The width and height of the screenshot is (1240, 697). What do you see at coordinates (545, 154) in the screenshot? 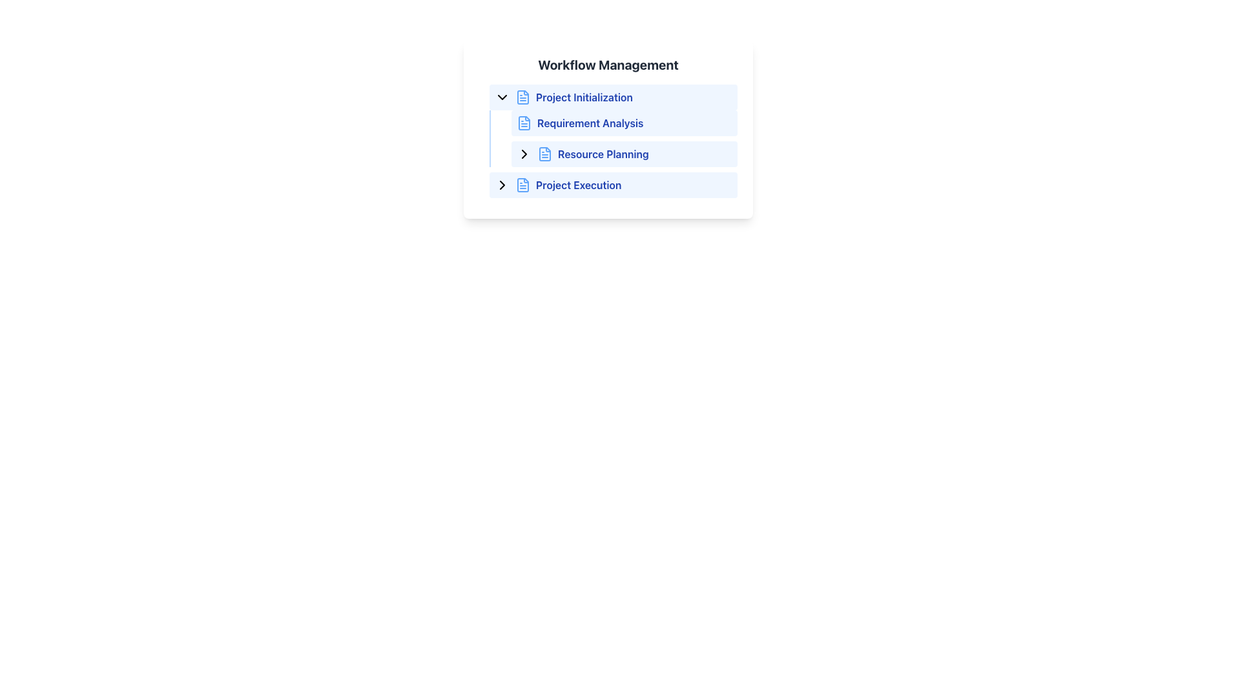
I see `the blue-outlined document icon representing 'Resource Planning' in the middle section of the 'Workflow Management' hierarchy interface` at bounding box center [545, 154].